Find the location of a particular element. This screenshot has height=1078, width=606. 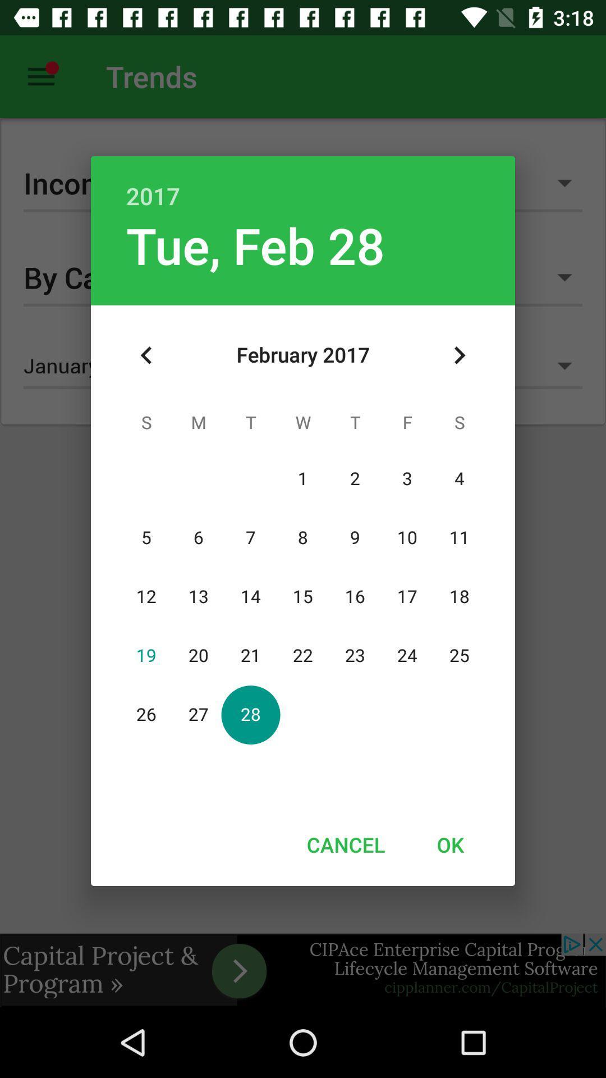

icon at the top right corner is located at coordinates (459, 355).